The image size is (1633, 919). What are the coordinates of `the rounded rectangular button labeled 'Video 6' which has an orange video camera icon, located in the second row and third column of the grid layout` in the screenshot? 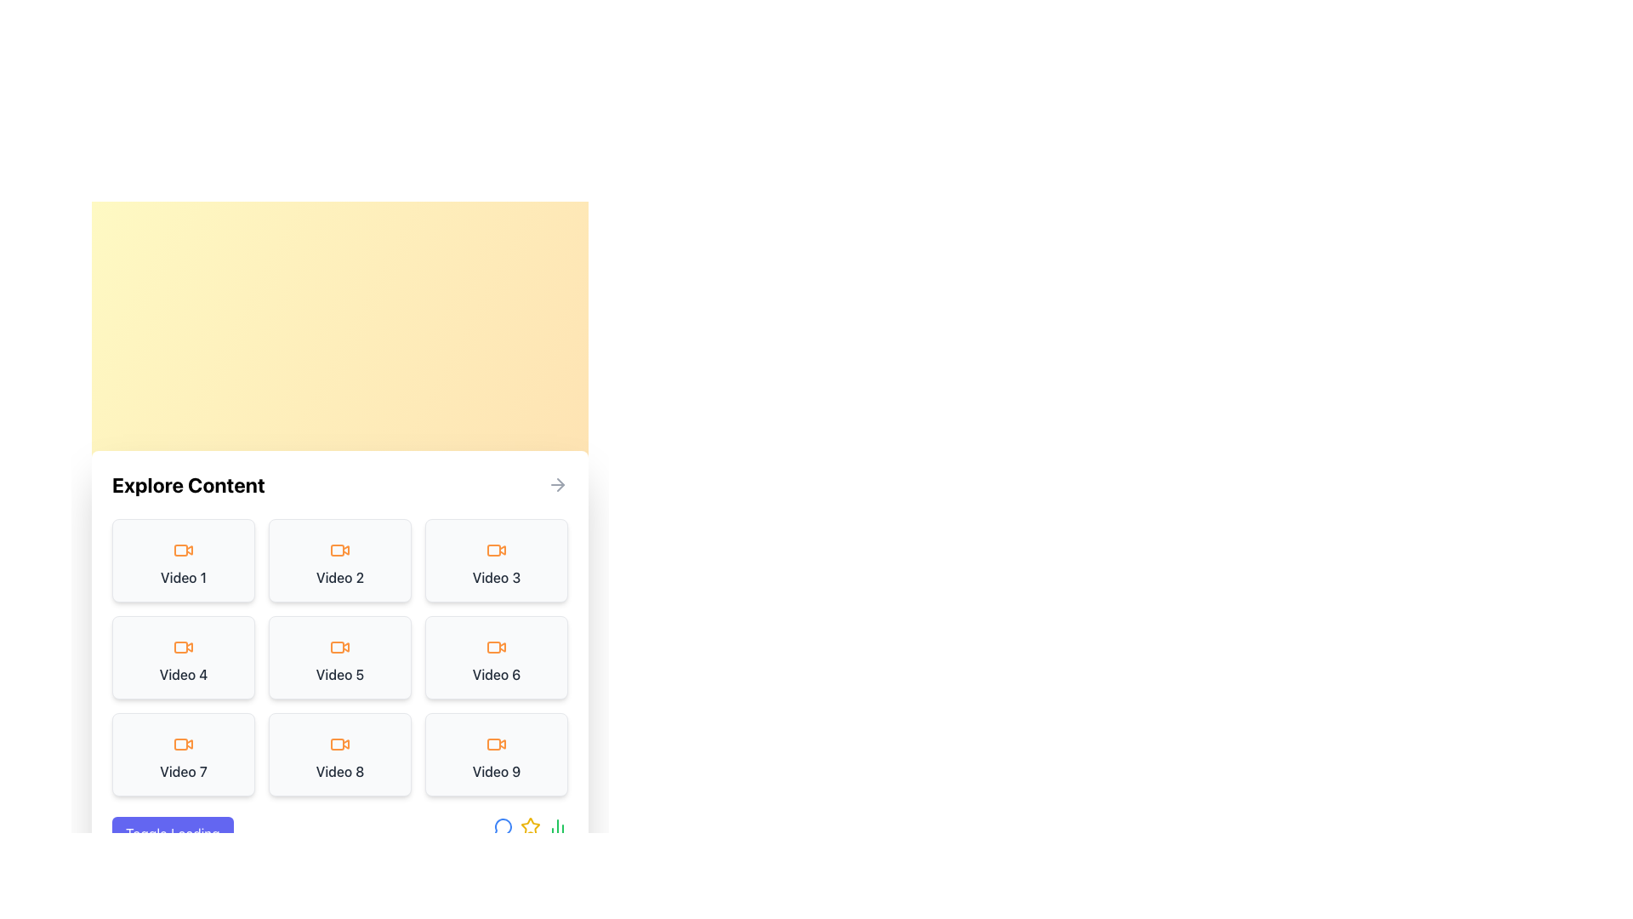 It's located at (496, 656).